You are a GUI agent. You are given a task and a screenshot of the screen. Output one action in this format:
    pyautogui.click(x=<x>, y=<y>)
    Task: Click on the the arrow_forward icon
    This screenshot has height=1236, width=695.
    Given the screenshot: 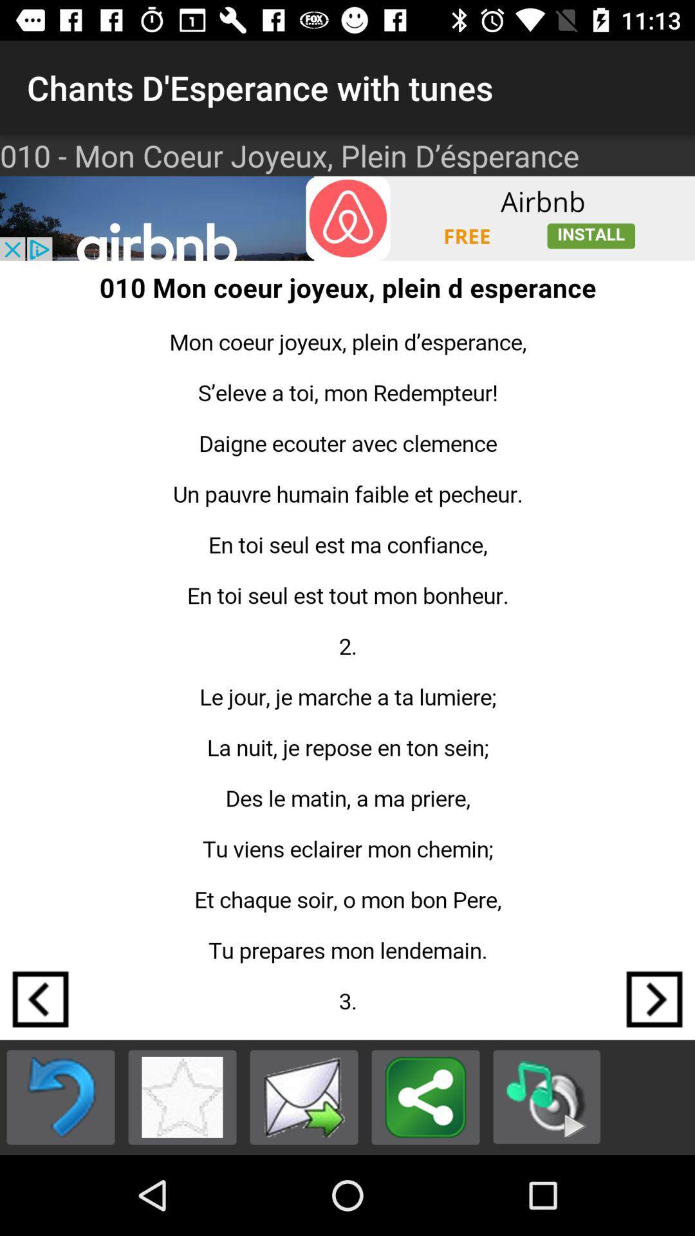 What is the action you would take?
    pyautogui.click(x=654, y=998)
    